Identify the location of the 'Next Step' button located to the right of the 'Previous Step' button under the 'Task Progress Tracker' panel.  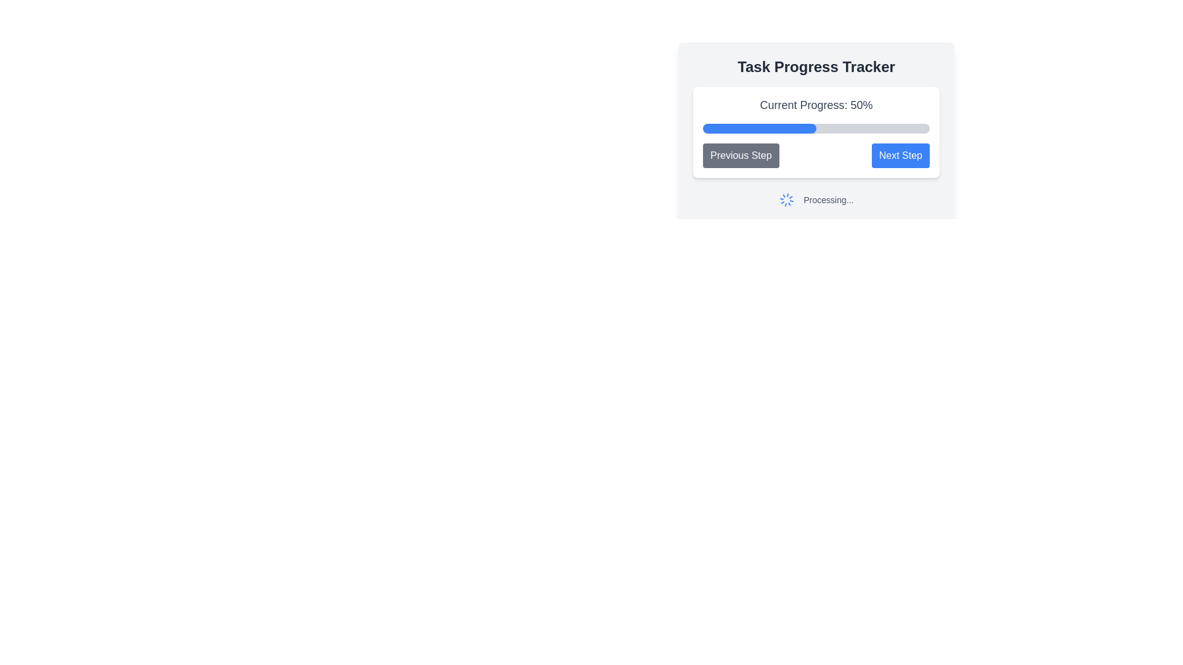
(900, 155).